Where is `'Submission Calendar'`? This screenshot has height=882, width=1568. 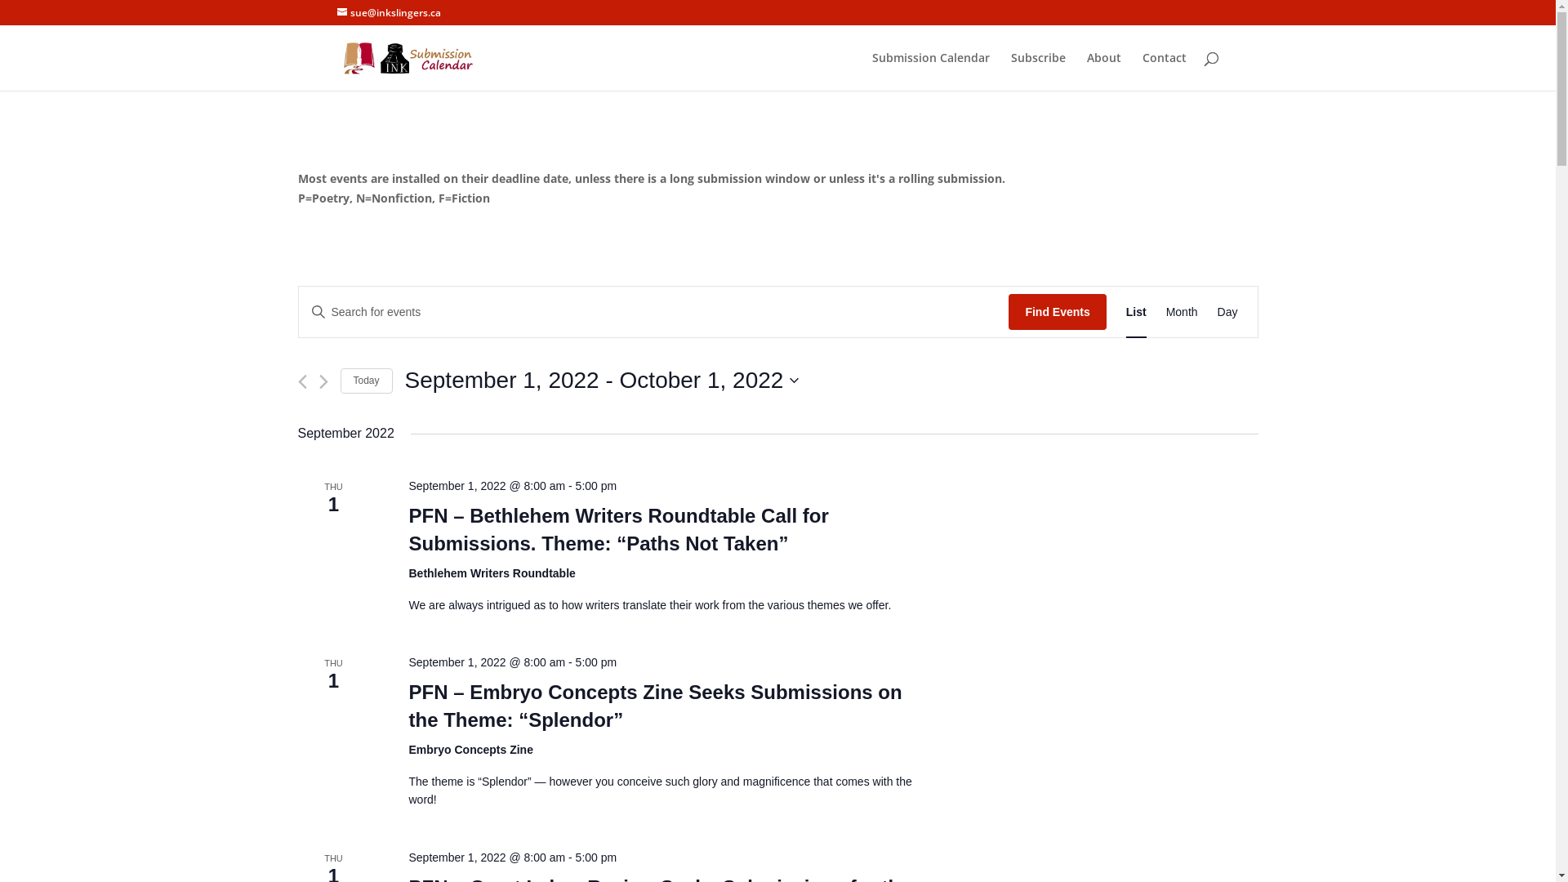
'Submission Calendar' is located at coordinates (871, 70).